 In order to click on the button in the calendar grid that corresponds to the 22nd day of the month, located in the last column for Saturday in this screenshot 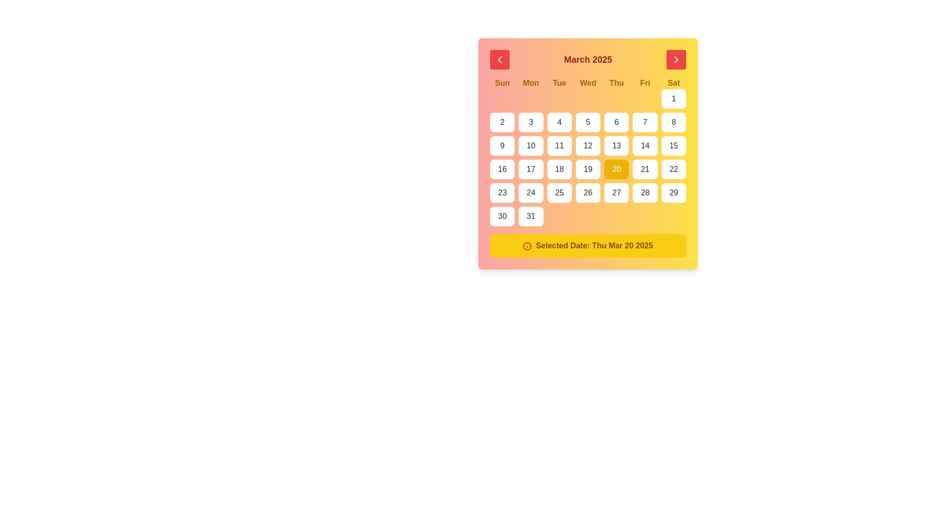, I will do `click(673, 169)`.